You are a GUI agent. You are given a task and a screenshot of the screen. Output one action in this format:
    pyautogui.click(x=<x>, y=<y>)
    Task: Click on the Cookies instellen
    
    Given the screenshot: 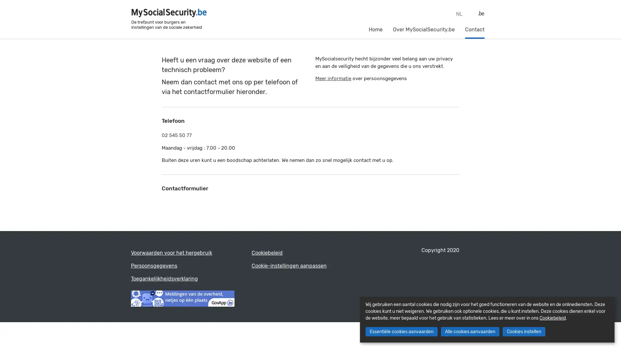 What is the action you would take?
    pyautogui.click(x=523, y=332)
    